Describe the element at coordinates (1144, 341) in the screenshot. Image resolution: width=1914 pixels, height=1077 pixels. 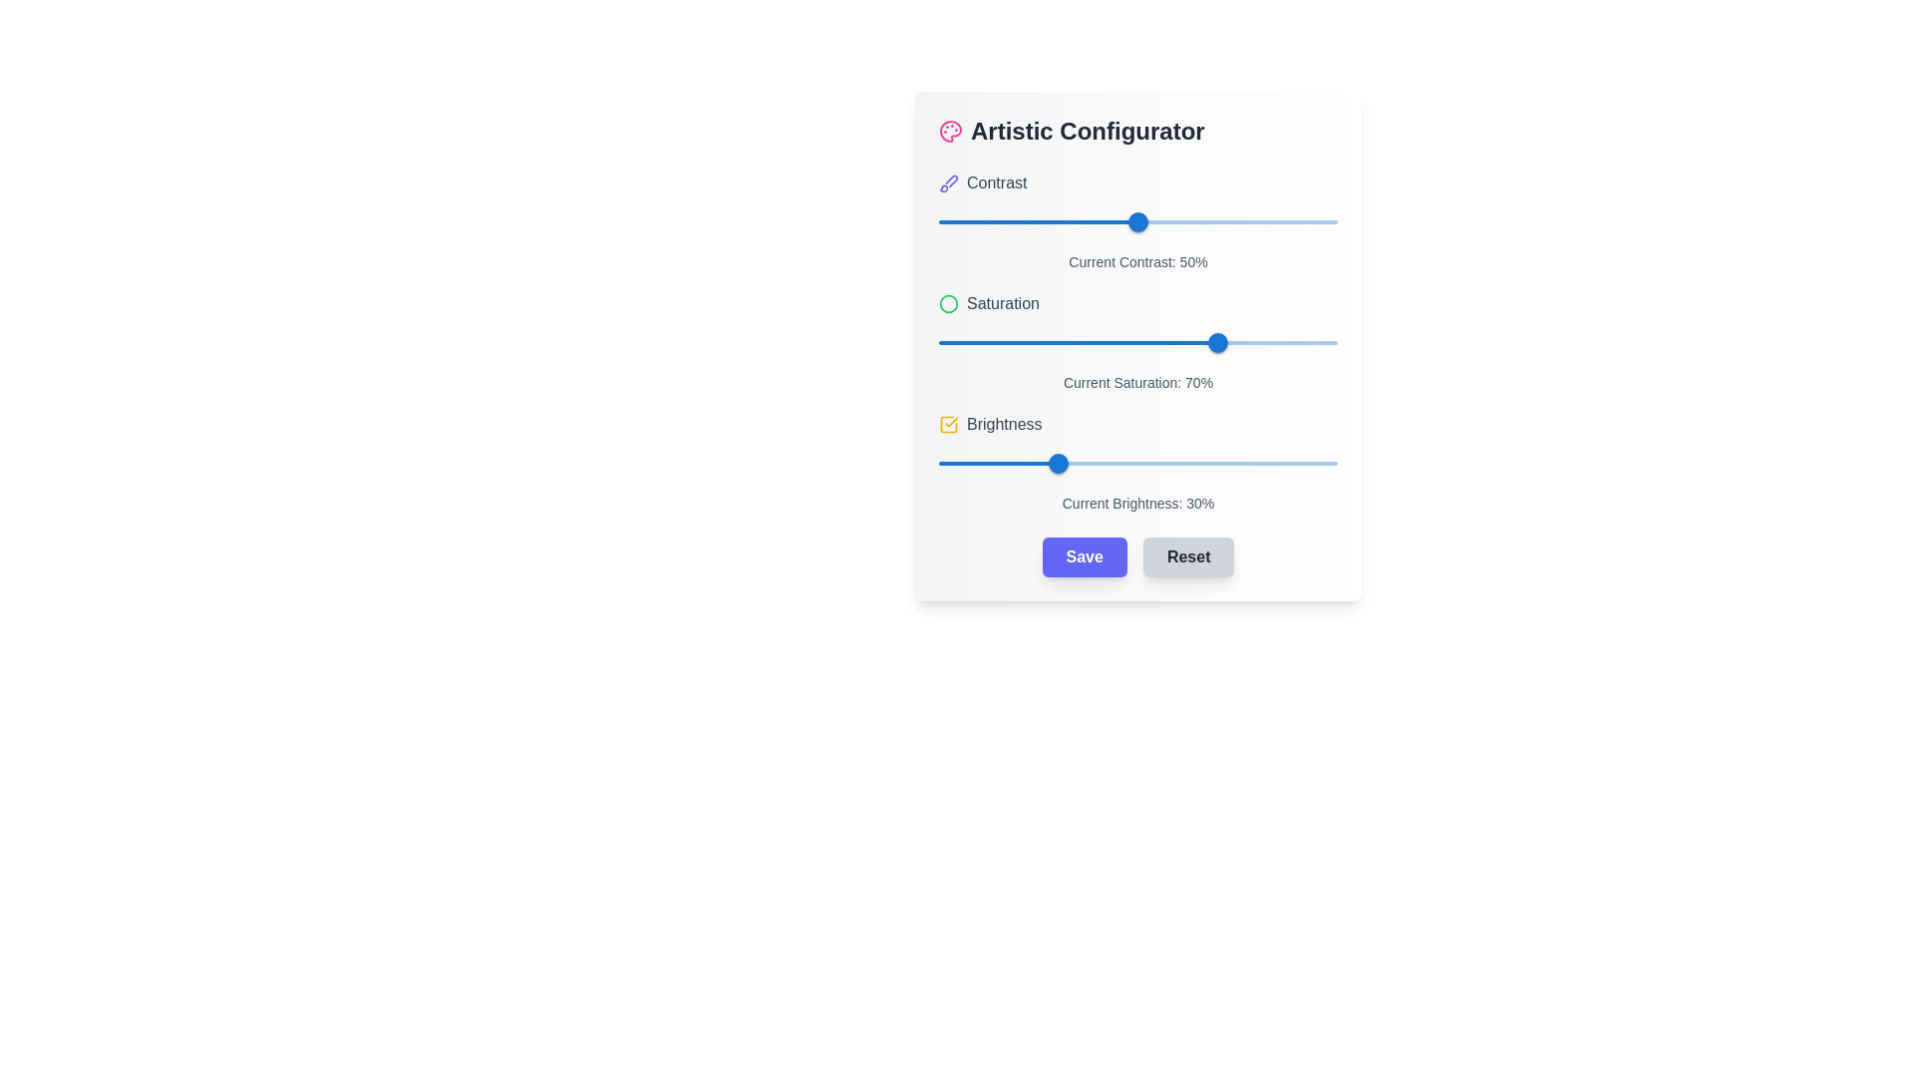
I see `saturation` at that location.